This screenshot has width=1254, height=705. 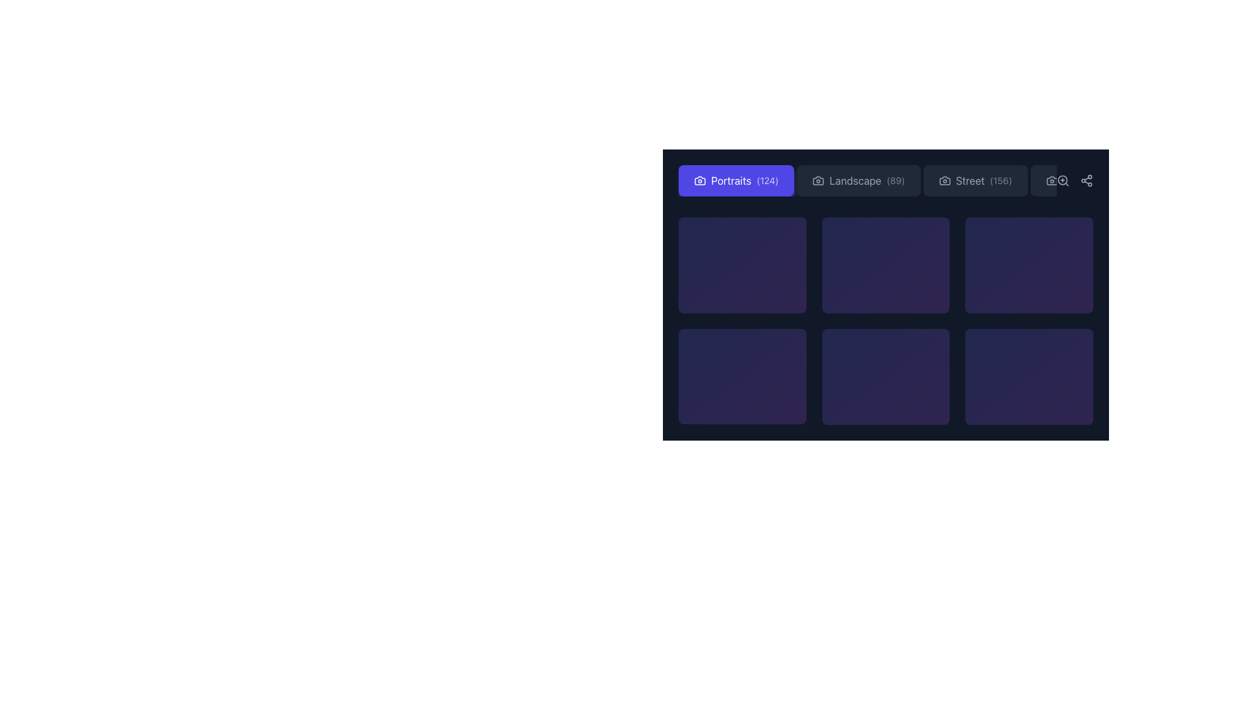 I want to click on the camera icon, which is a vector graphic resembling a traditional camera, located in the top-right region of the interface, adjacent to a share icon and to the left of a magnifying glass icon, so click(x=1052, y=181).